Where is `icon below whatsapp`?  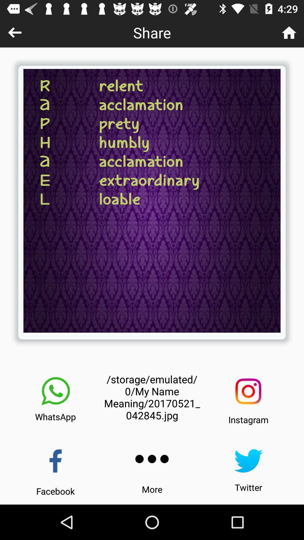 icon below whatsapp is located at coordinates (55, 461).